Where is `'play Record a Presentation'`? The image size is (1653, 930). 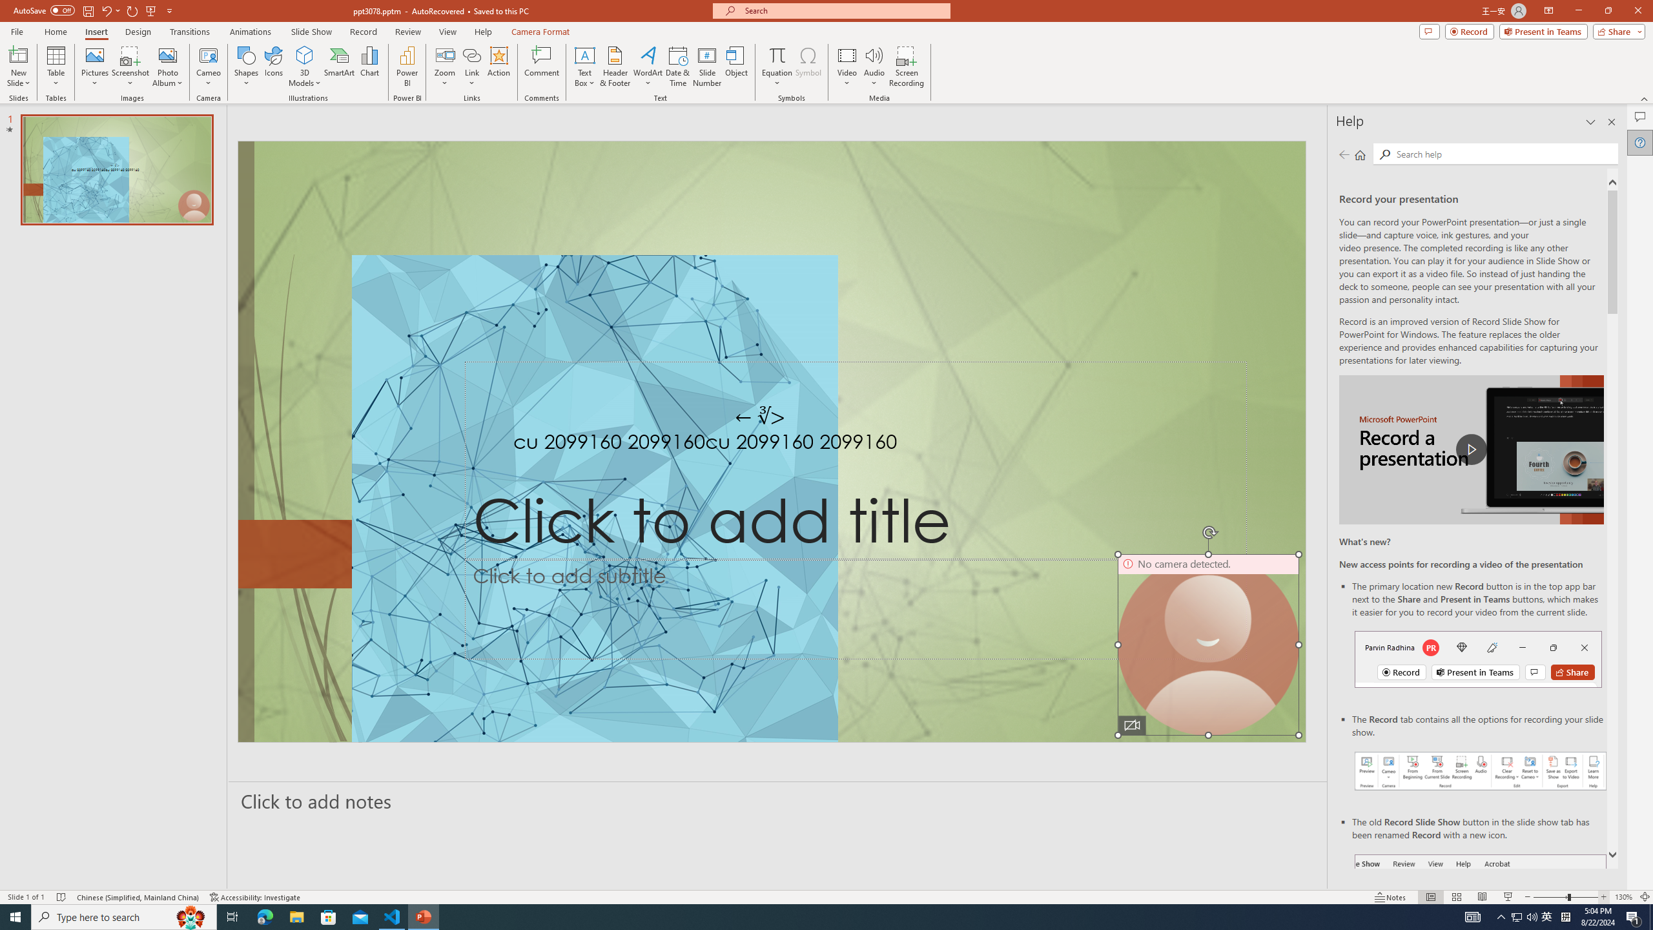
'play Record a Presentation' is located at coordinates (1471, 449).